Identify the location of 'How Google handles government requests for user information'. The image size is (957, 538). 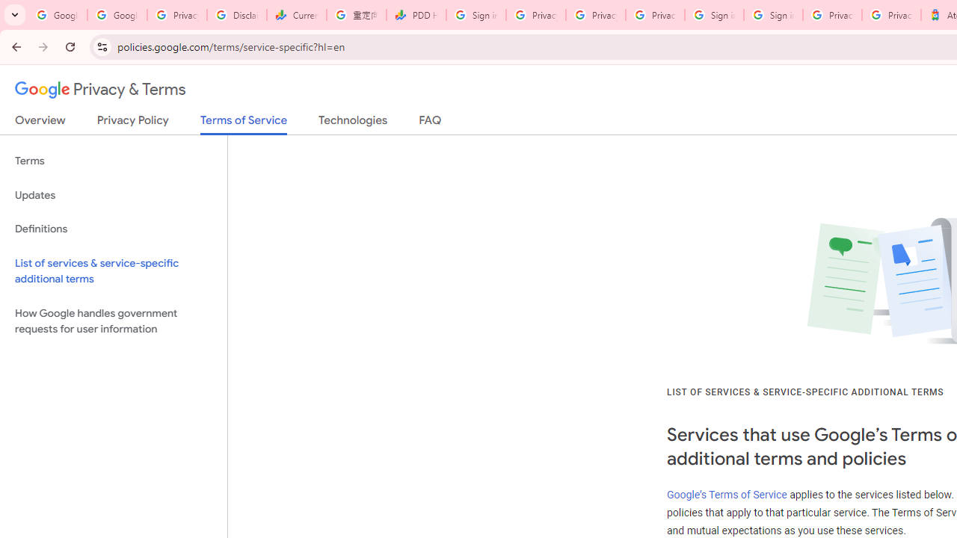
(113, 320).